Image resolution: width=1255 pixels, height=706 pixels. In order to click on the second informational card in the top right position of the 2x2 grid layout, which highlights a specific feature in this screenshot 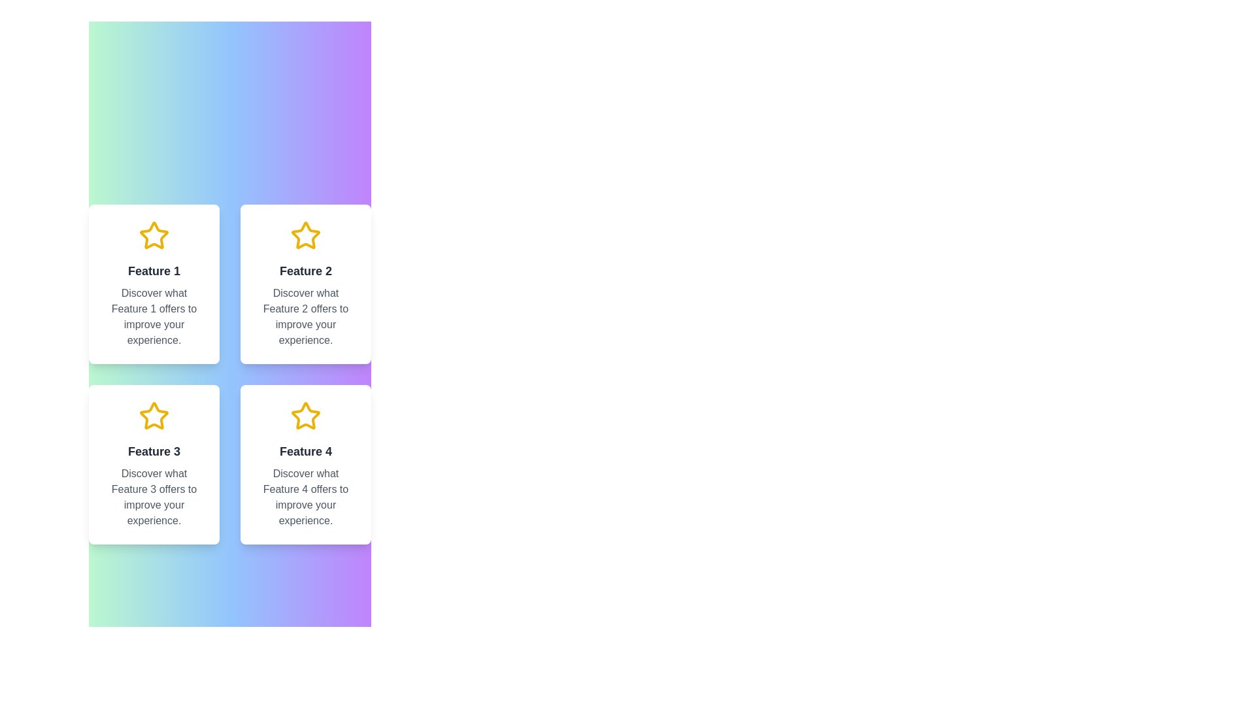, I will do `click(305, 284)`.